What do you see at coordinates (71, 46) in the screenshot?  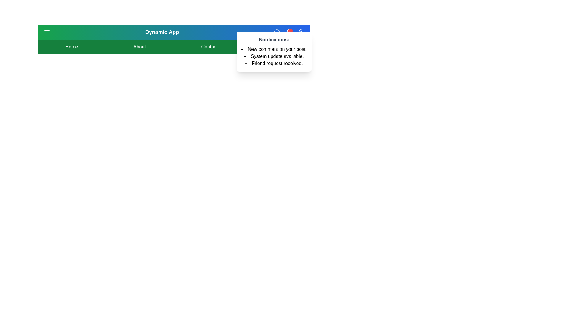 I see `the Home menu item to navigate to the corresponding section` at bounding box center [71, 46].